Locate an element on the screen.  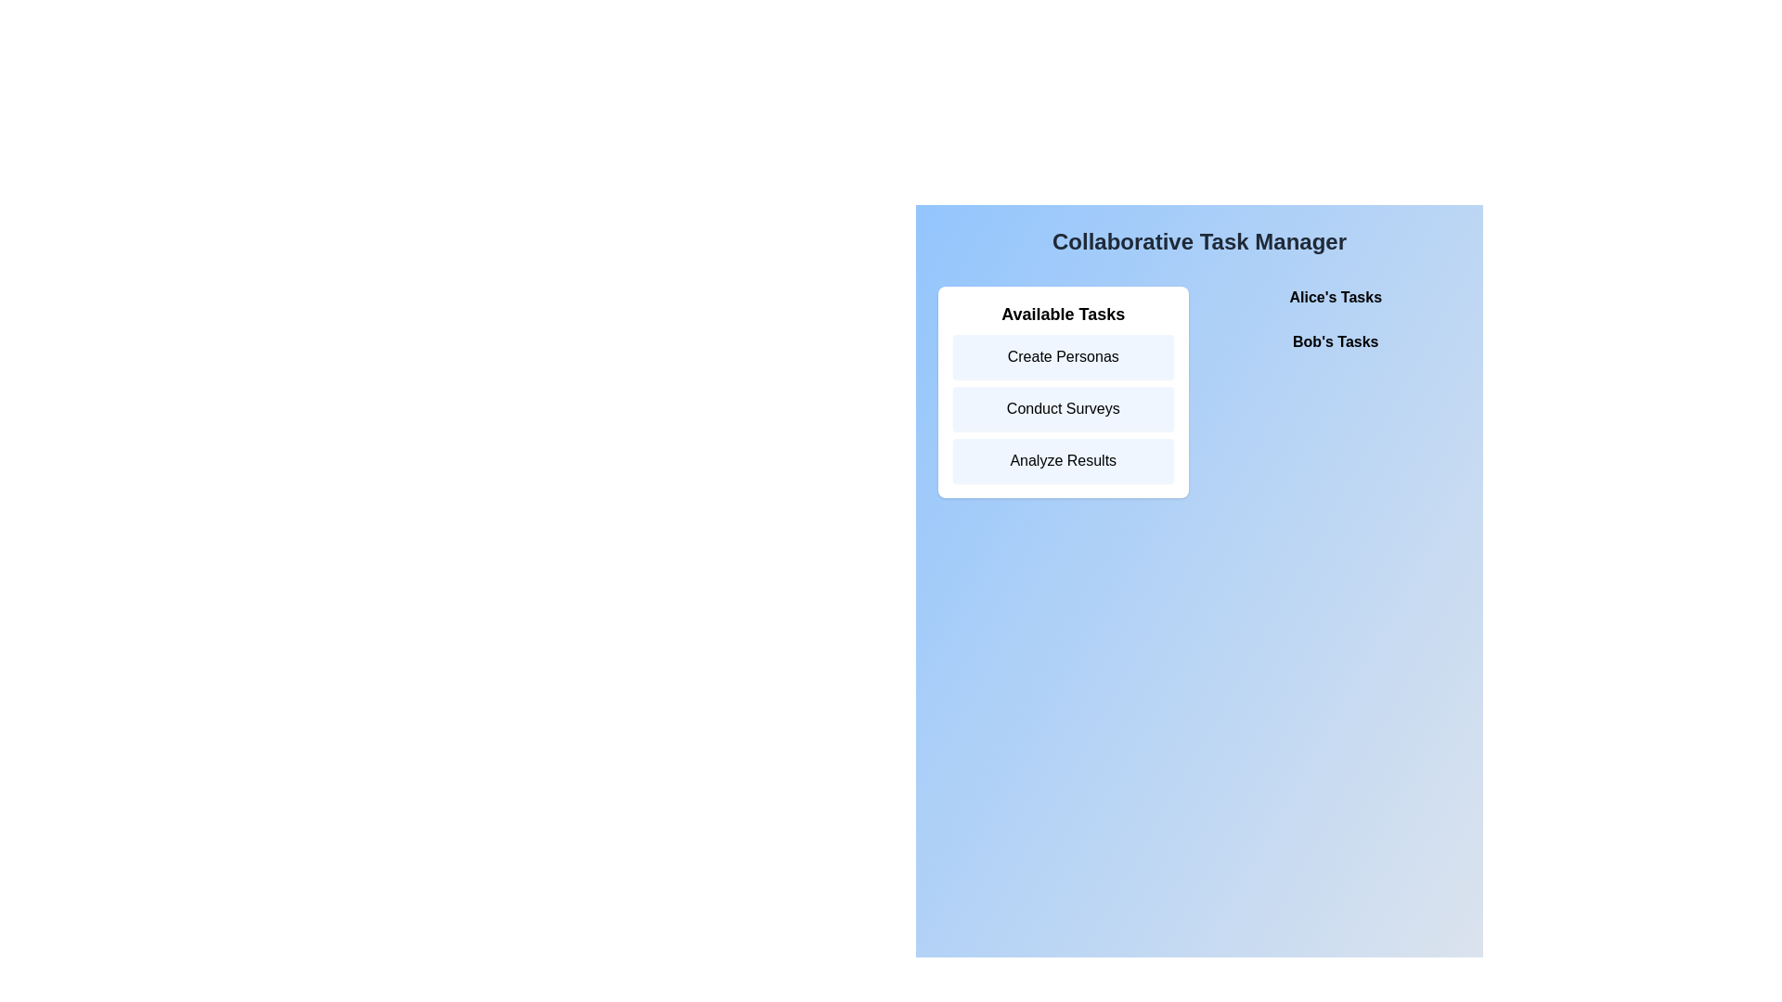
the user name to view their assigned tasks is located at coordinates (1335, 296).